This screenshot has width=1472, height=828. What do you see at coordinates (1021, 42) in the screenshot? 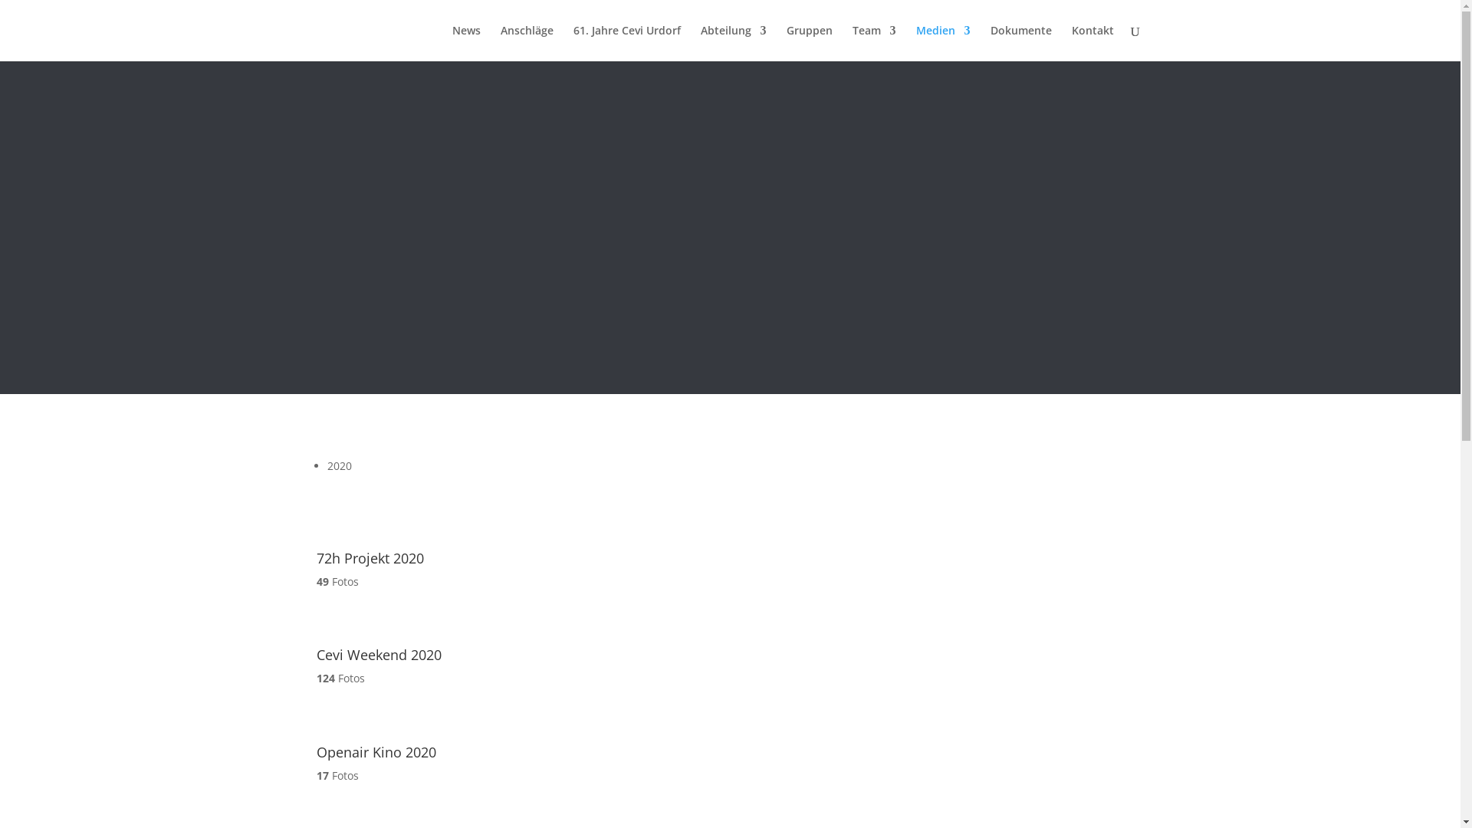
I see `'Dokumente'` at bounding box center [1021, 42].